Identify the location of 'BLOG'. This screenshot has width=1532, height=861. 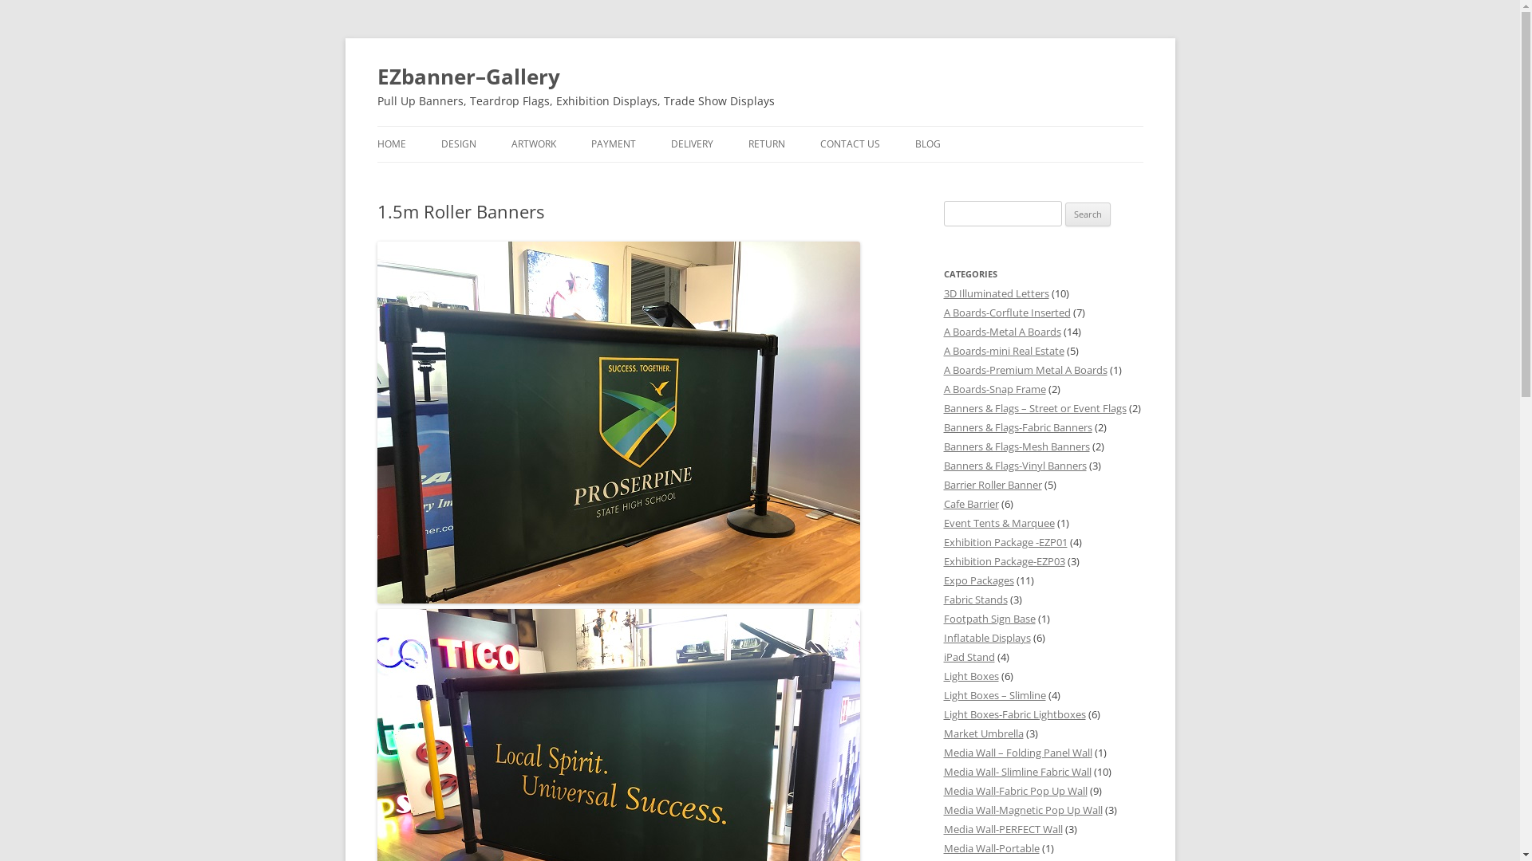
(926, 144).